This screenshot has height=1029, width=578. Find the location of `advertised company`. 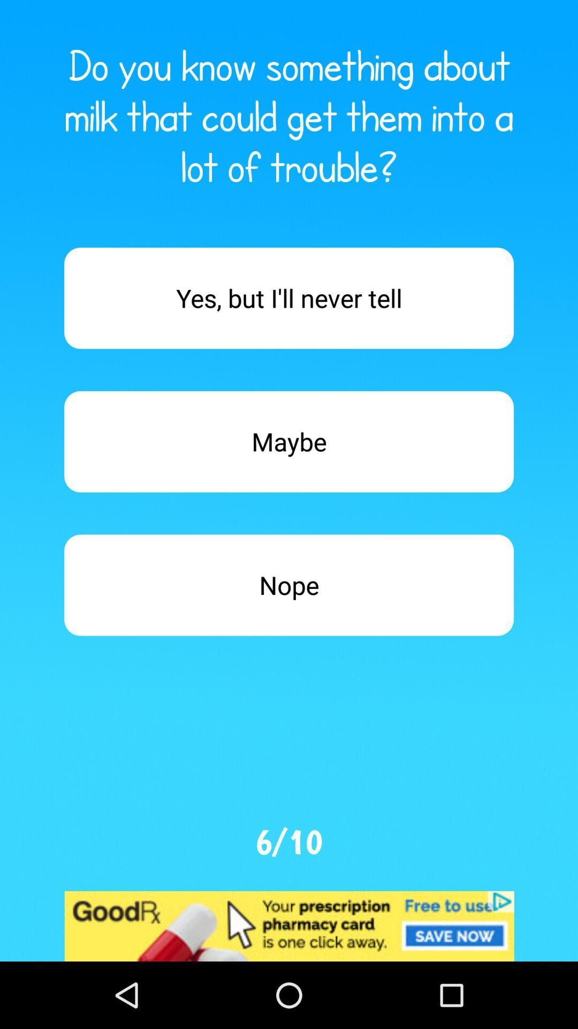

advertised company is located at coordinates (289, 926).